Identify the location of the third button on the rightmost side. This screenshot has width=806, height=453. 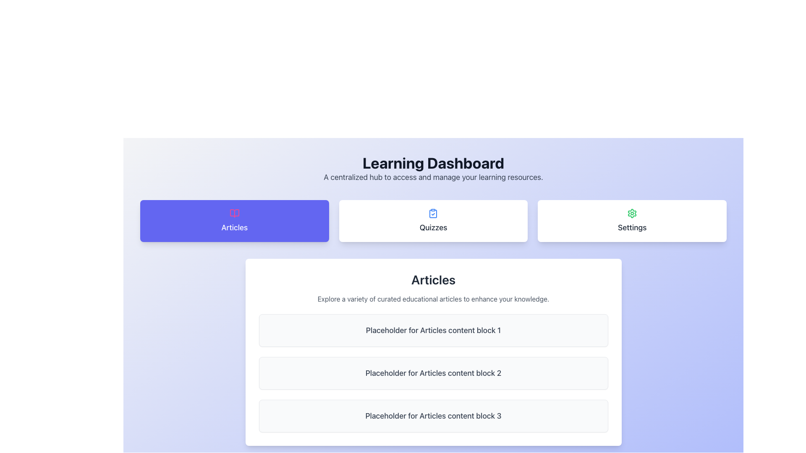
(632, 221).